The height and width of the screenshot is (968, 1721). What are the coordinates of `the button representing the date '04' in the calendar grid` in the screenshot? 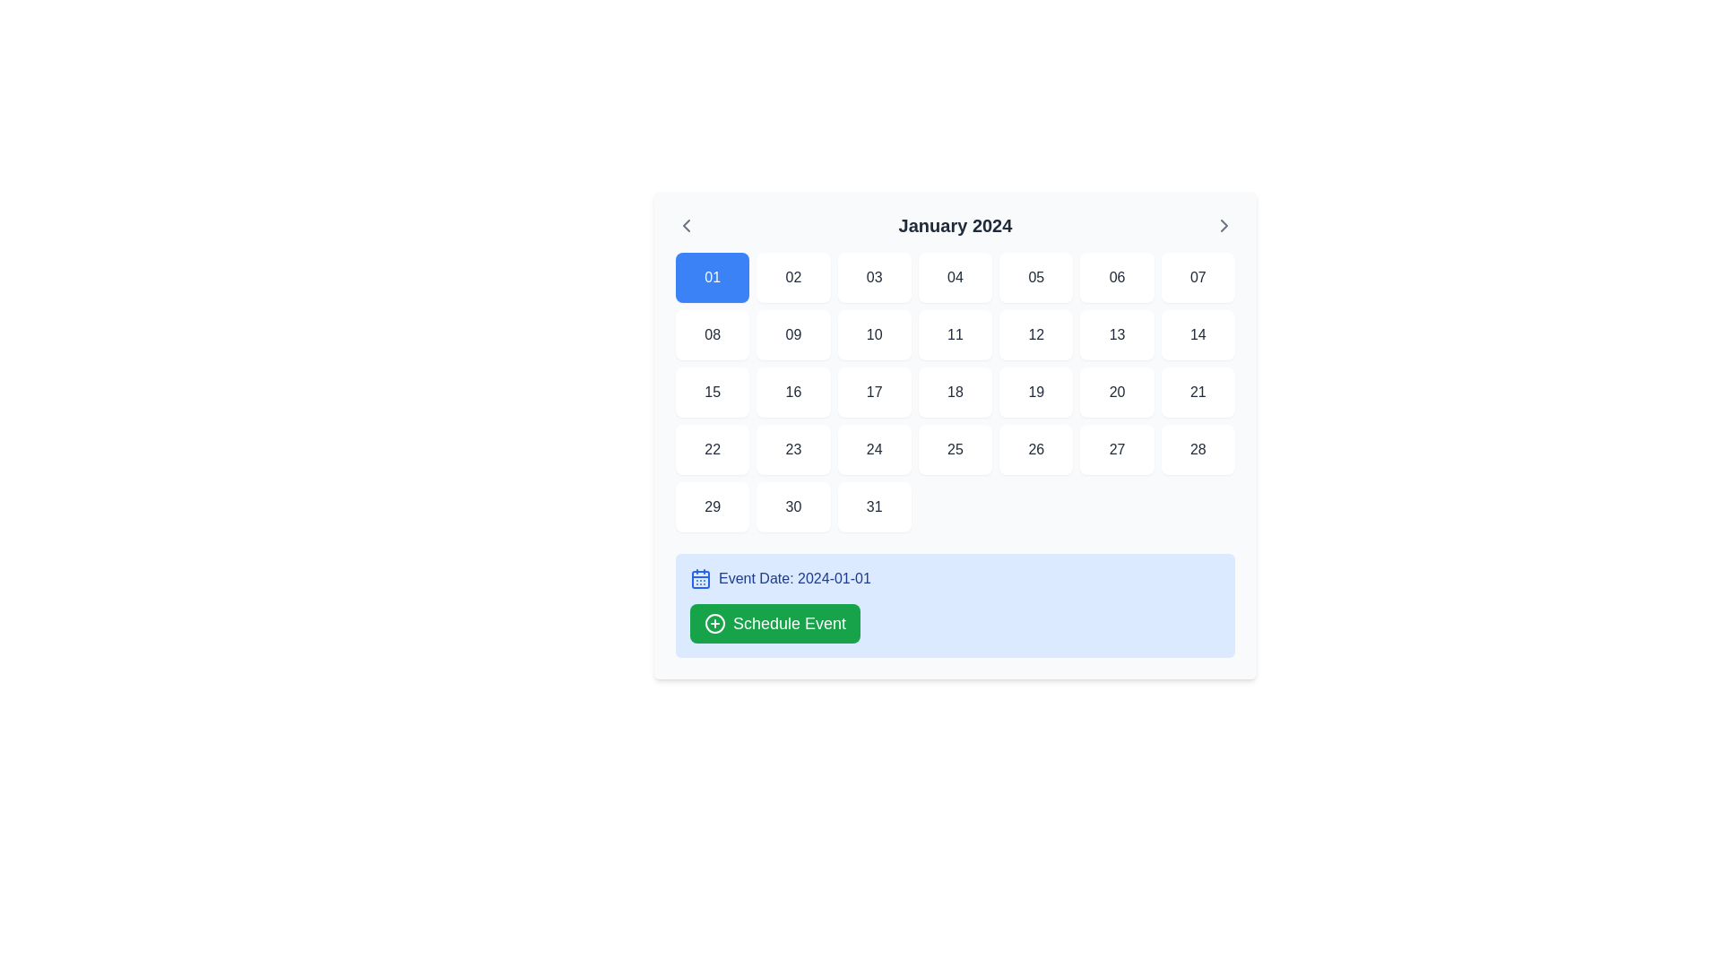 It's located at (954, 277).